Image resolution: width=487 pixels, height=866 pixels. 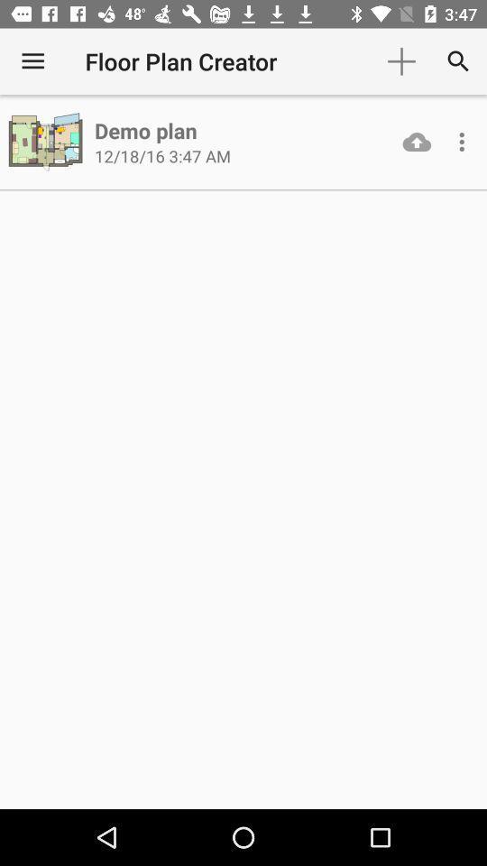 What do you see at coordinates (47, 141) in the screenshot?
I see `item to the left of demo plan icon` at bounding box center [47, 141].